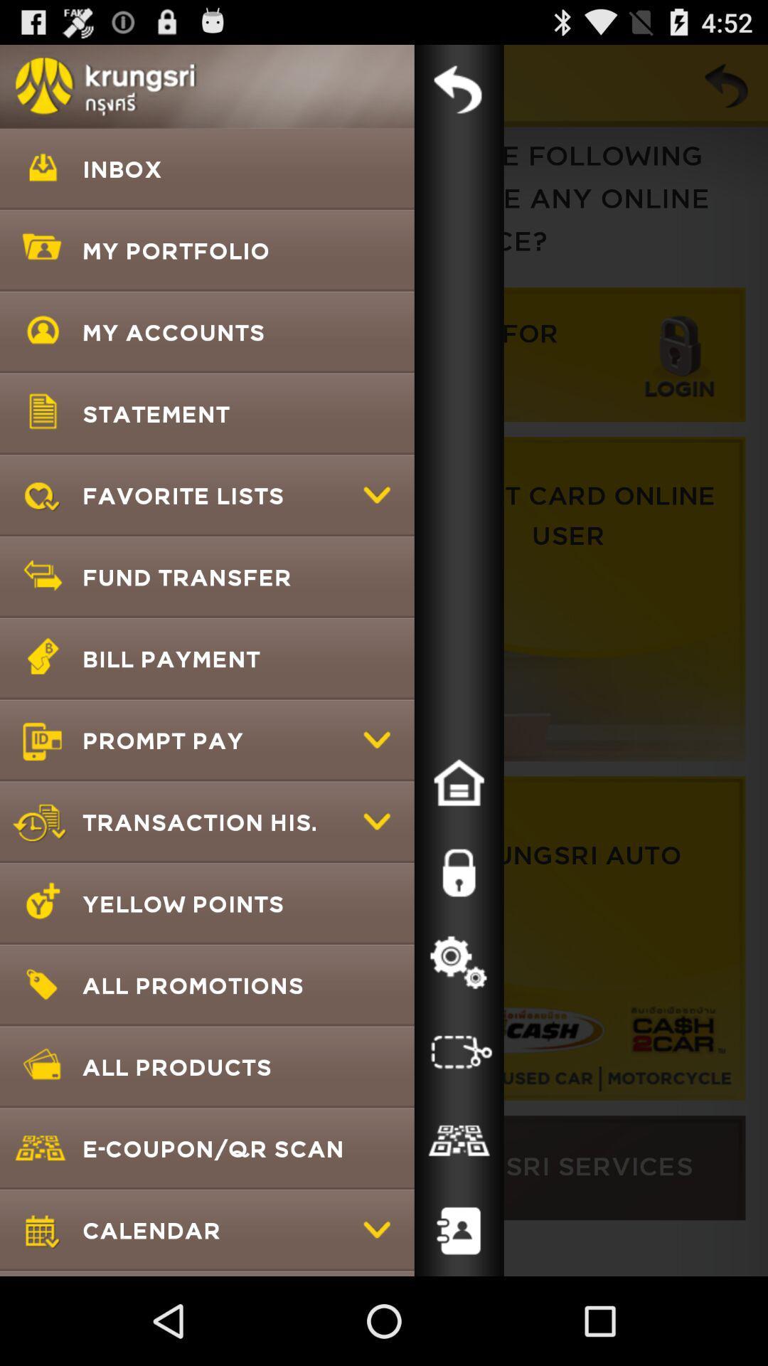 Image resolution: width=768 pixels, height=1366 pixels. I want to click on settings, so click(459, 963).